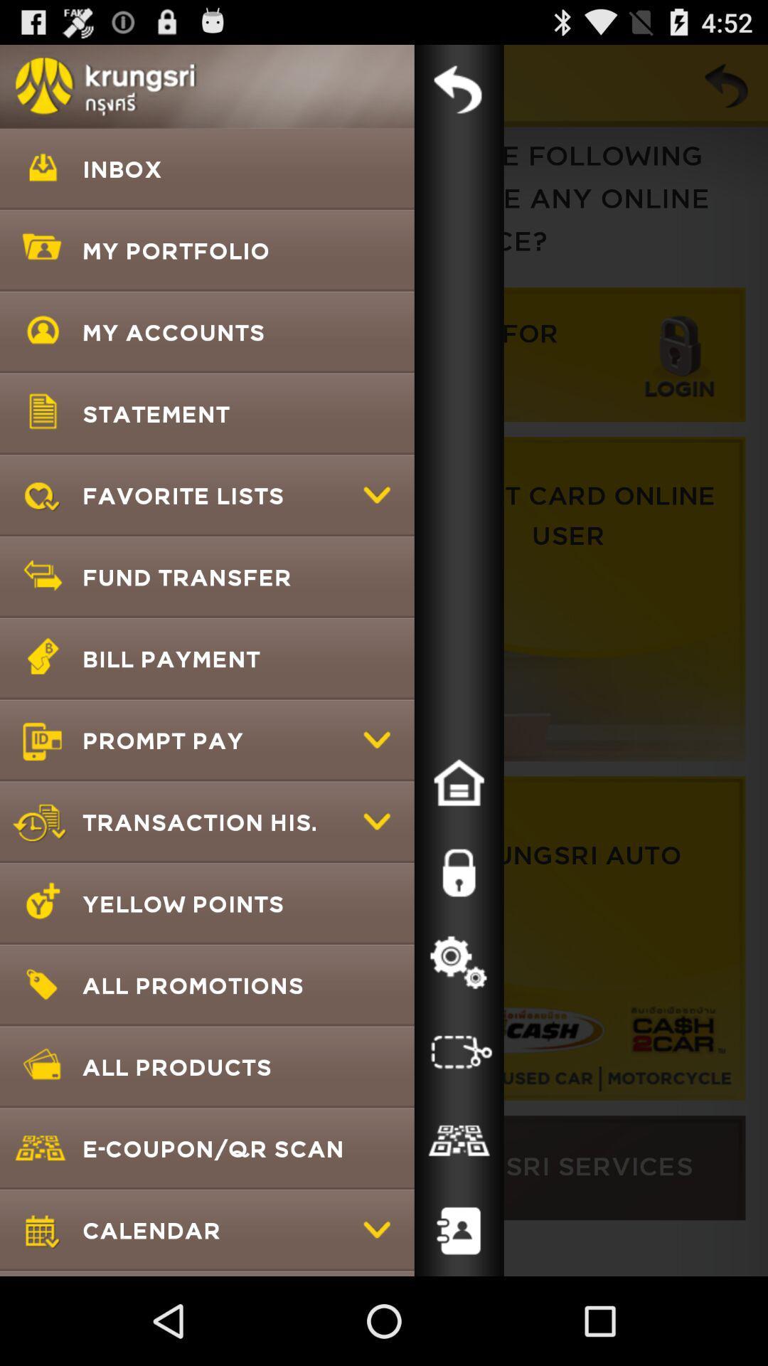 Image resolution: width=768 pixels, height=1366 pixels. I want to click on settings, so click(459, 963).